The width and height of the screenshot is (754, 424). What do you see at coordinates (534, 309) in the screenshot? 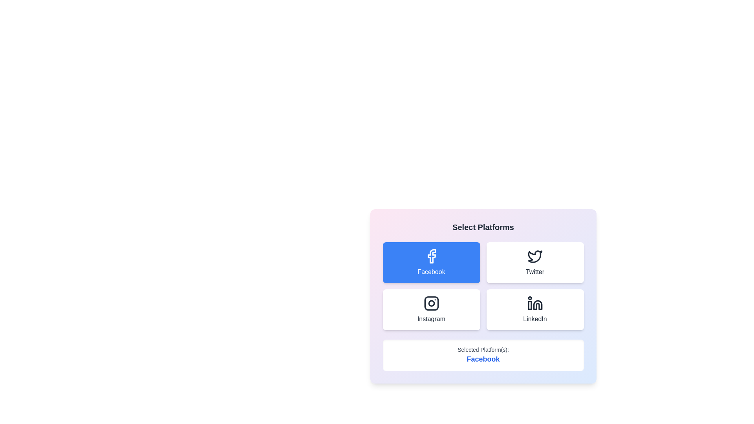
I see `the button corresponding to LinkedIn` at bounding box center [534, 309].